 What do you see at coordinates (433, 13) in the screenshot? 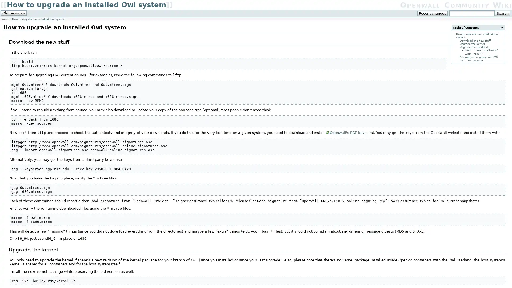
I see `Recent changes` at bounding box center [433, 13].